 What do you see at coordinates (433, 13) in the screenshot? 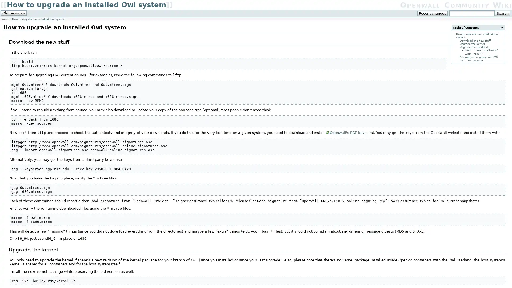
I see `Recent changes` at bounding box center [433, 13].